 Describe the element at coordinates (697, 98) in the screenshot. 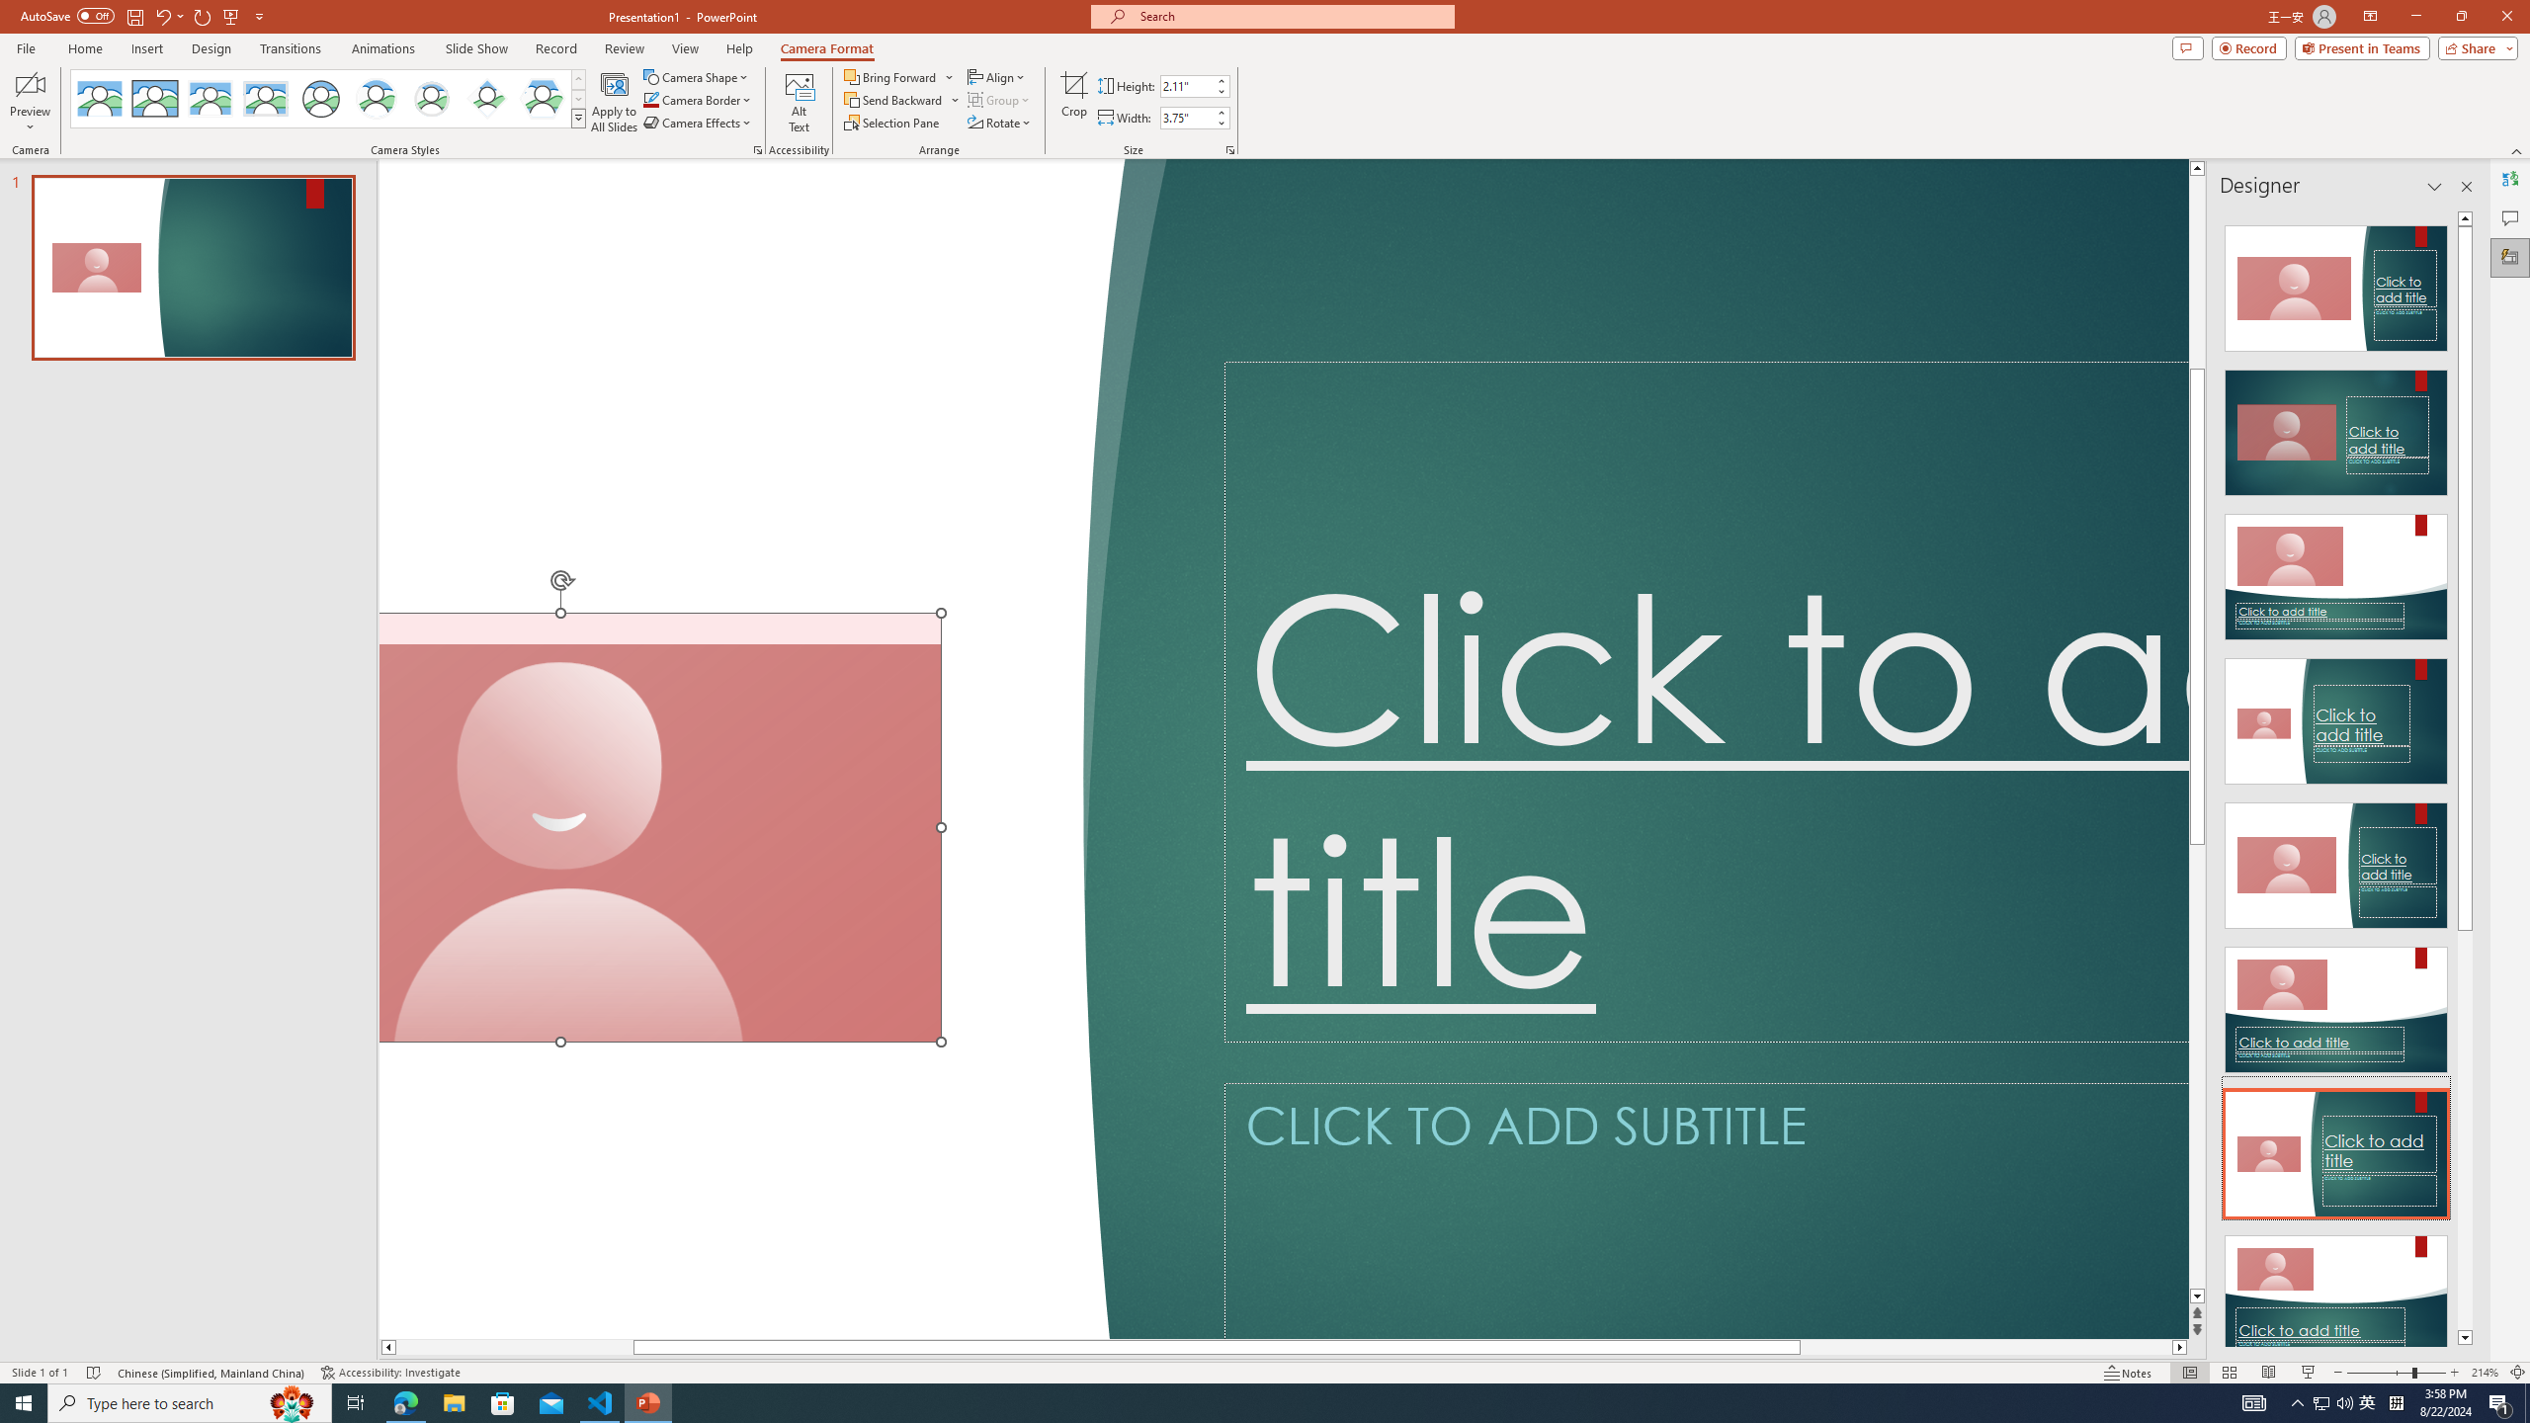

I see `'Camera Border'` at that location.